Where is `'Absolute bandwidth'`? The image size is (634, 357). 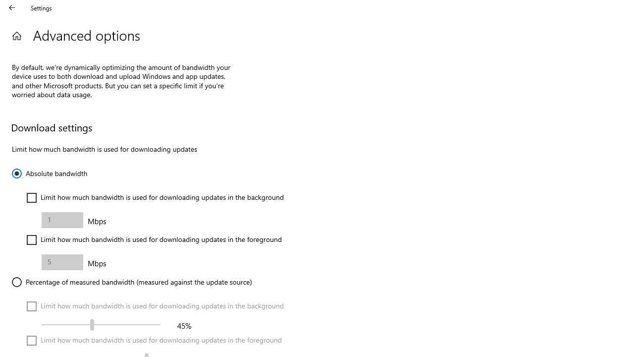
'Absolute bandwidth' is located at coordinates (49, 173).